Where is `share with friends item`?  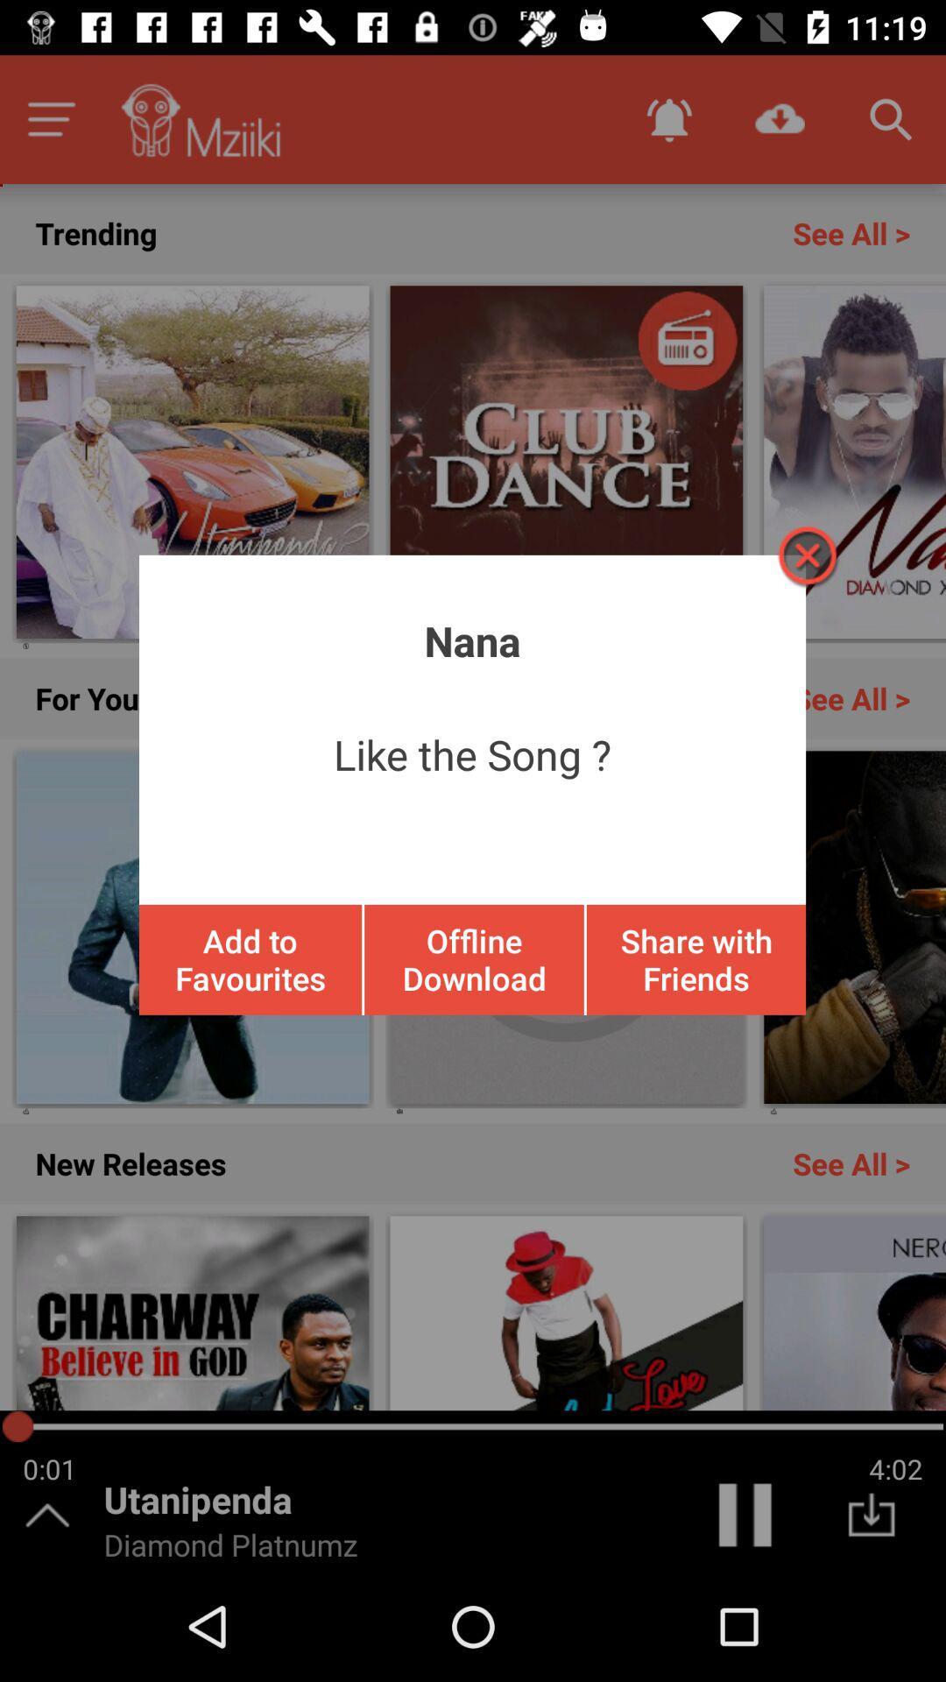
share with friends item is located at coordinates (695, 958).